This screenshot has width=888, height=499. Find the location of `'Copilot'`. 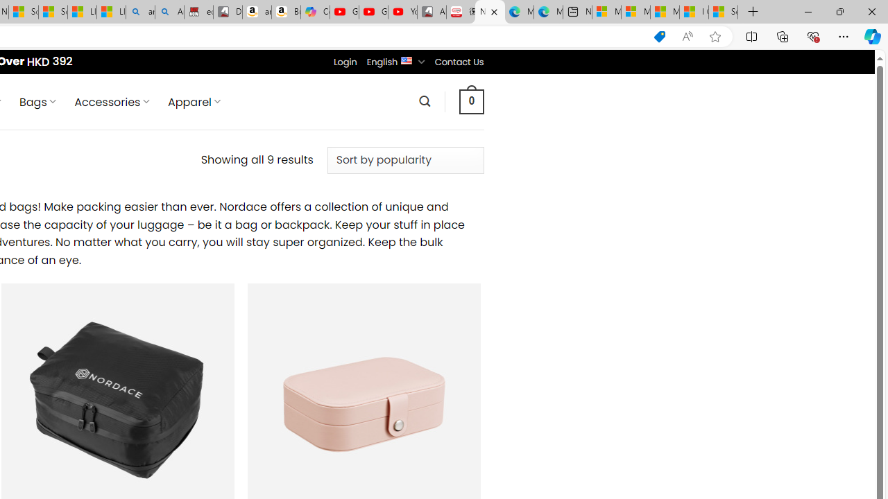

'Copilot' is located at coordinates (314, 12).